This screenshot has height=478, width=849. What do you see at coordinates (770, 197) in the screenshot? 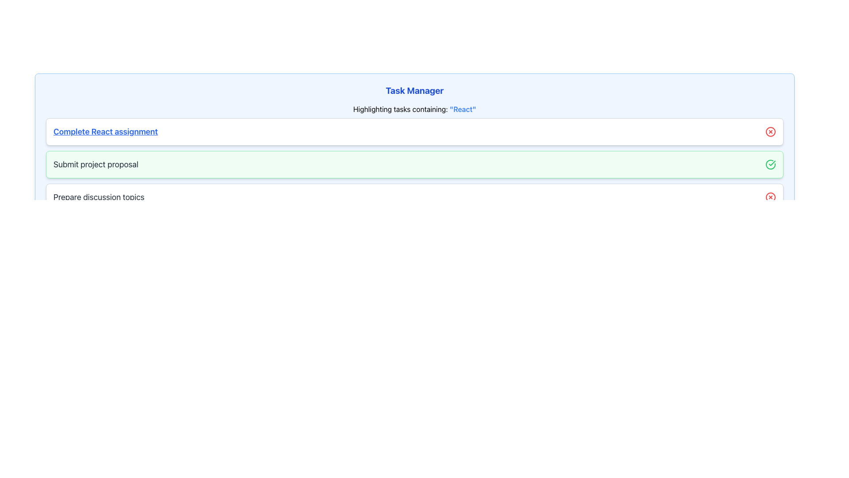
I see `the red circular shape of the SVG icon associated with the 'Prepare discussion topics' task` at bounding box center [770, 197].